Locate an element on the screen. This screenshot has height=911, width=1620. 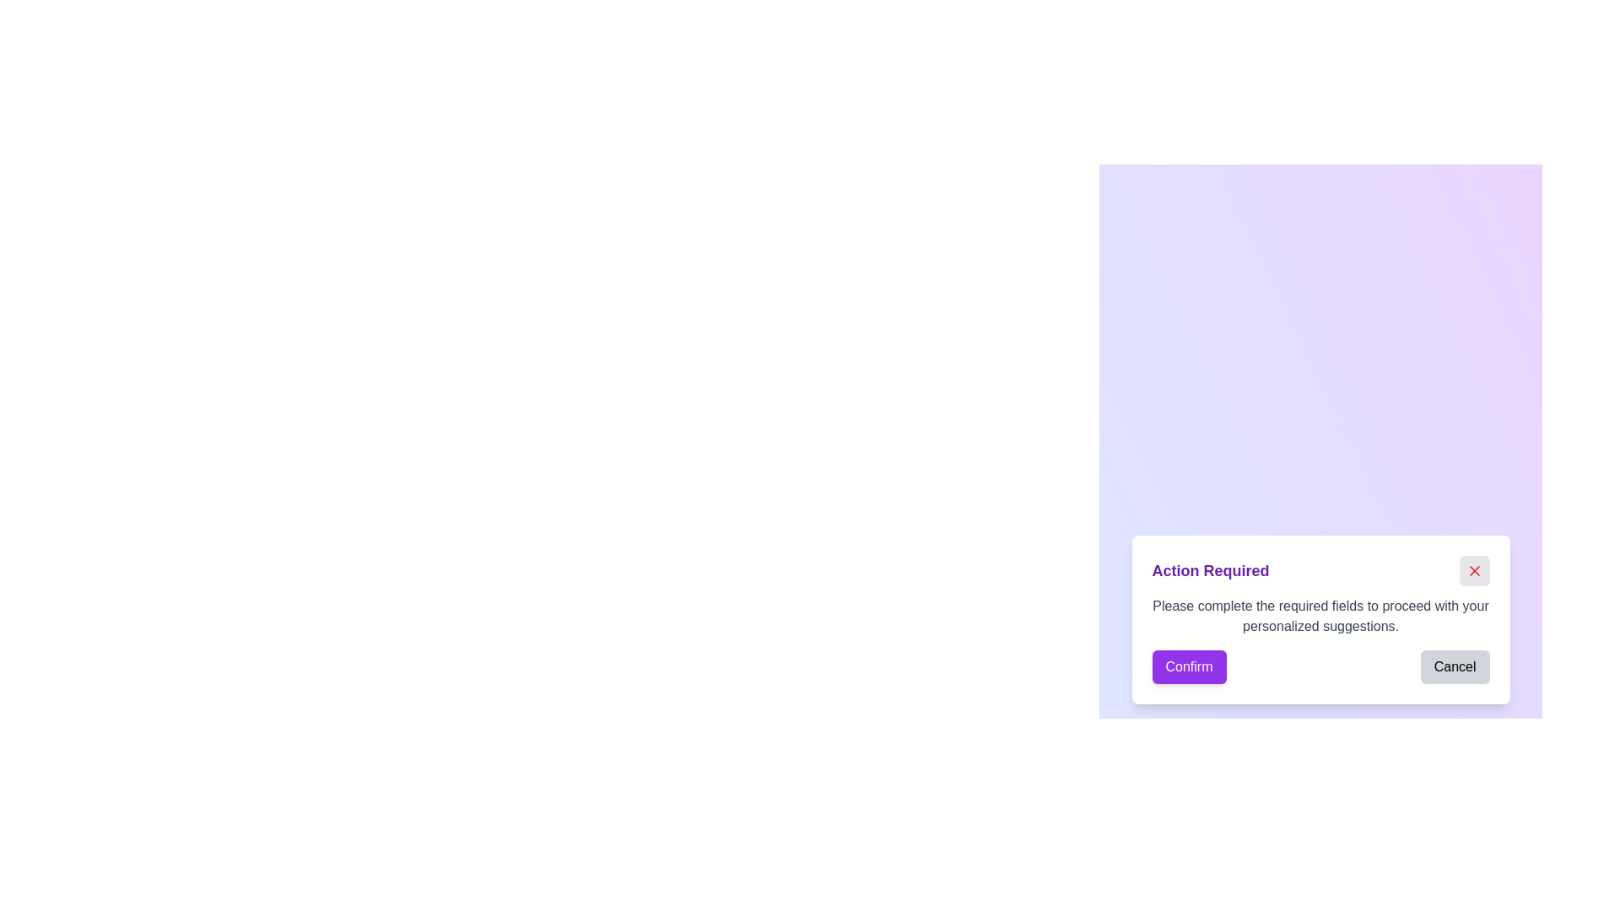
the close button located at the top-right corner of the dialog, next to the 'Action Required' title is located at coordinates (1473, 570).